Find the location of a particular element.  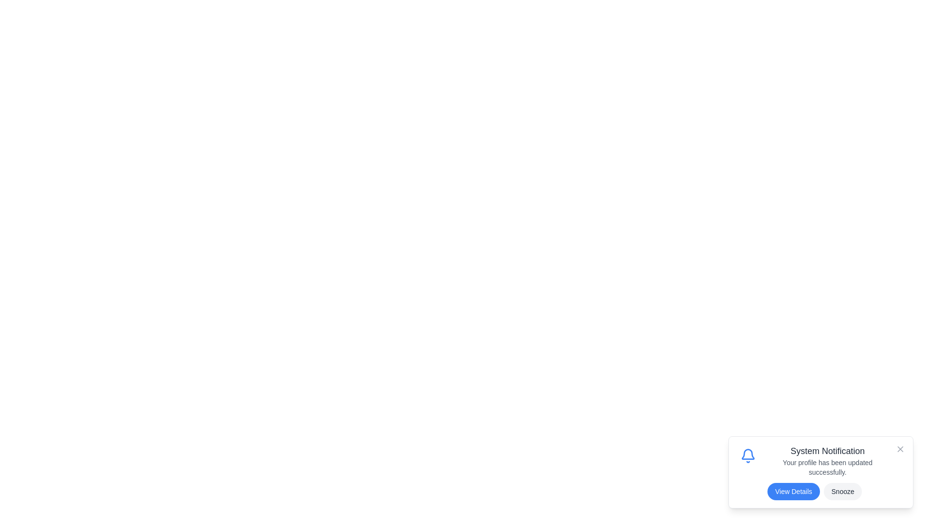

message 'Your profile has been updated successfully.' displayed in medium-sized gray font below the title 'System Notification' in the notification card is located at coordinates (827, 467).